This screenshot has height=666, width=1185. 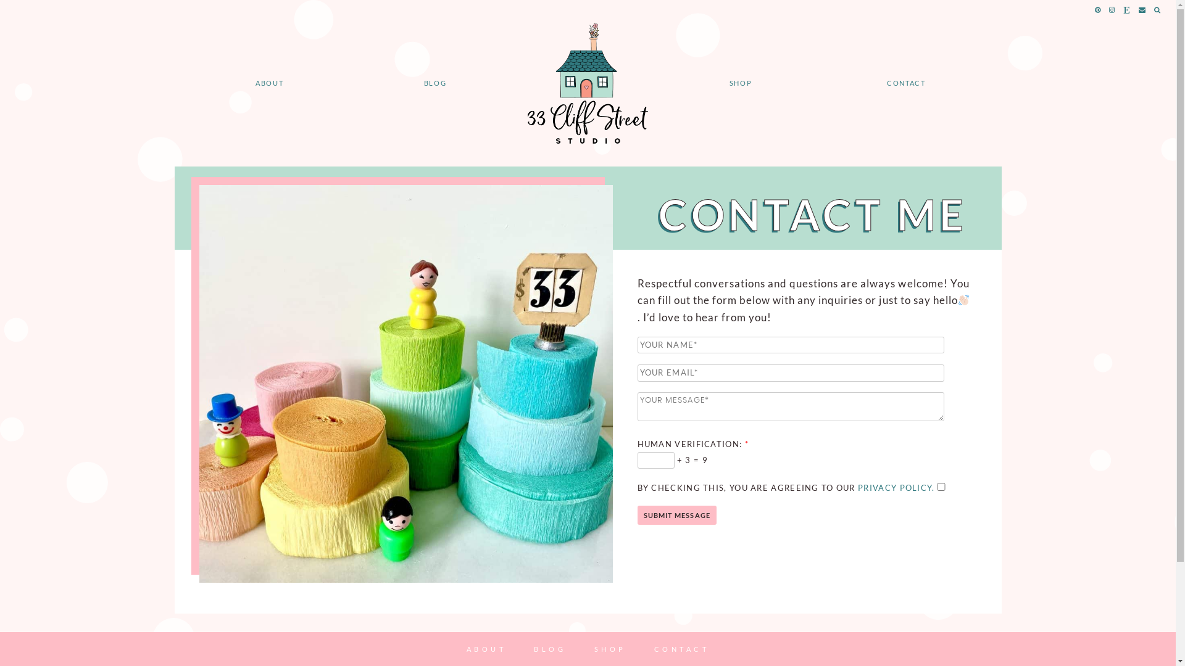 I want to click on 'instagram icon', so click(x=1112, y=10).